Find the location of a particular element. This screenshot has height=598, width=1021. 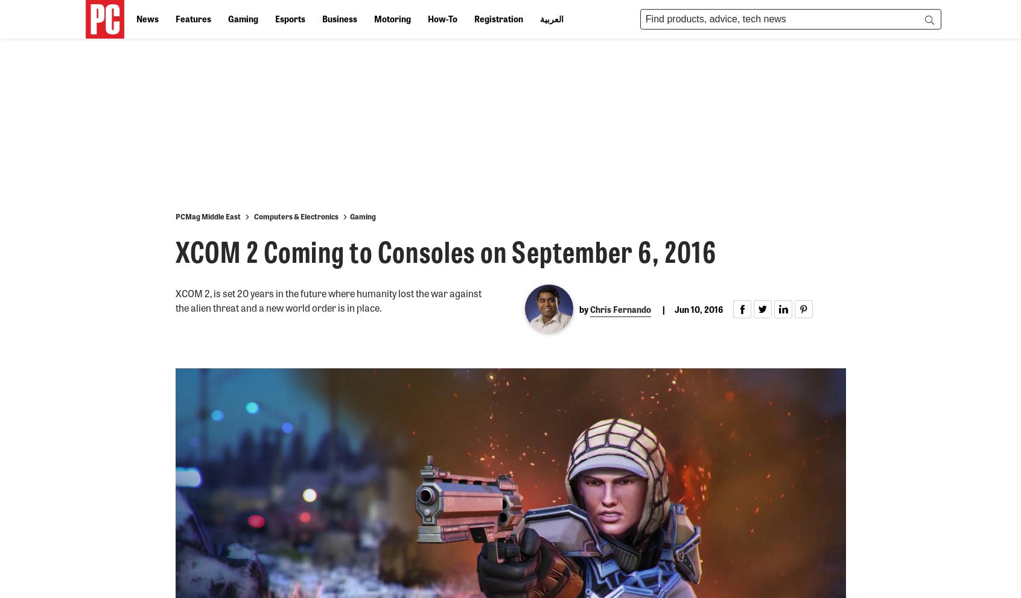

'XCOM 2, is set 20 years in the future where humanity lost the war against the alien threat and a new world order is in place.' is located at coordinates (328, 300).